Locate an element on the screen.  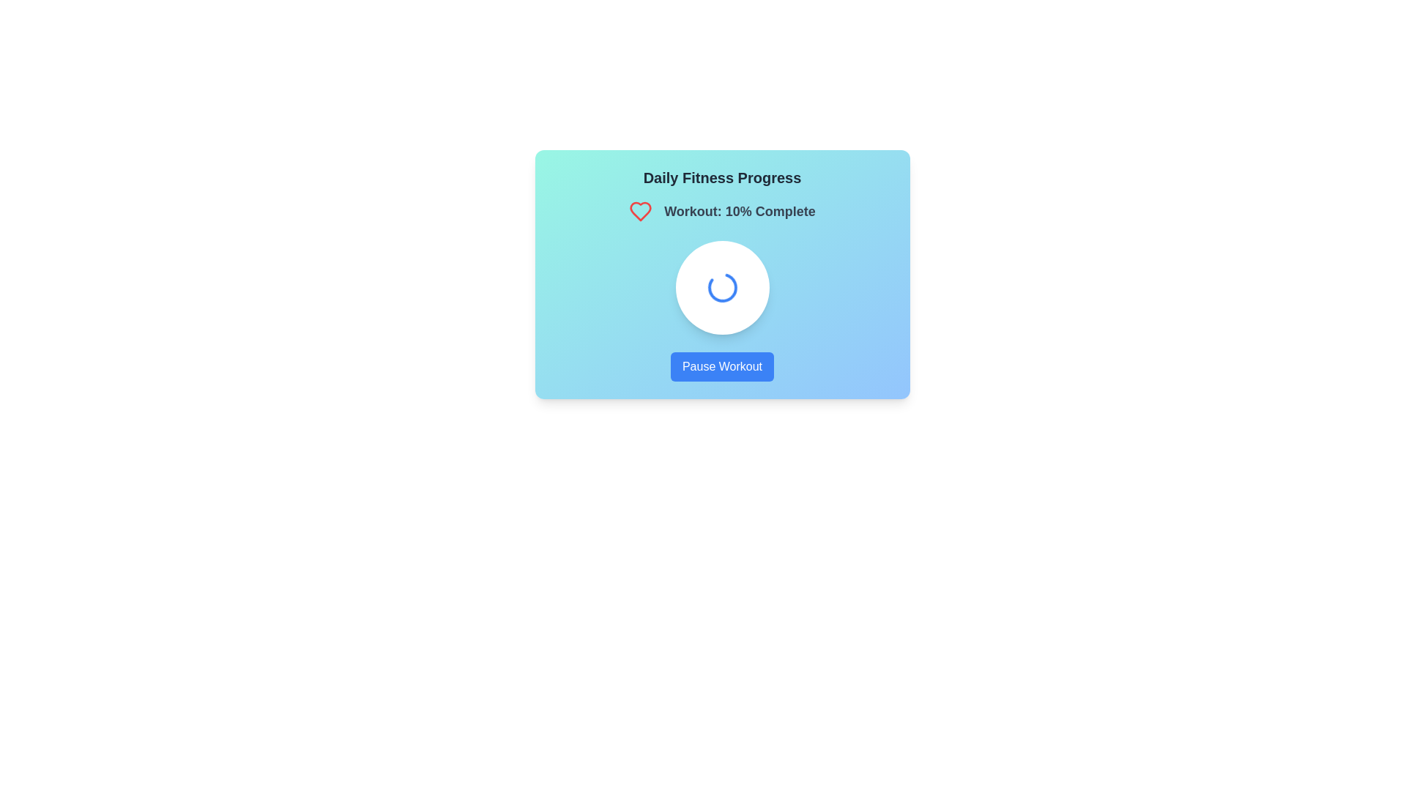
the header displaying 'Daily Fitness Progress' at the top center of the card layout is located at coordinates (722, 177).